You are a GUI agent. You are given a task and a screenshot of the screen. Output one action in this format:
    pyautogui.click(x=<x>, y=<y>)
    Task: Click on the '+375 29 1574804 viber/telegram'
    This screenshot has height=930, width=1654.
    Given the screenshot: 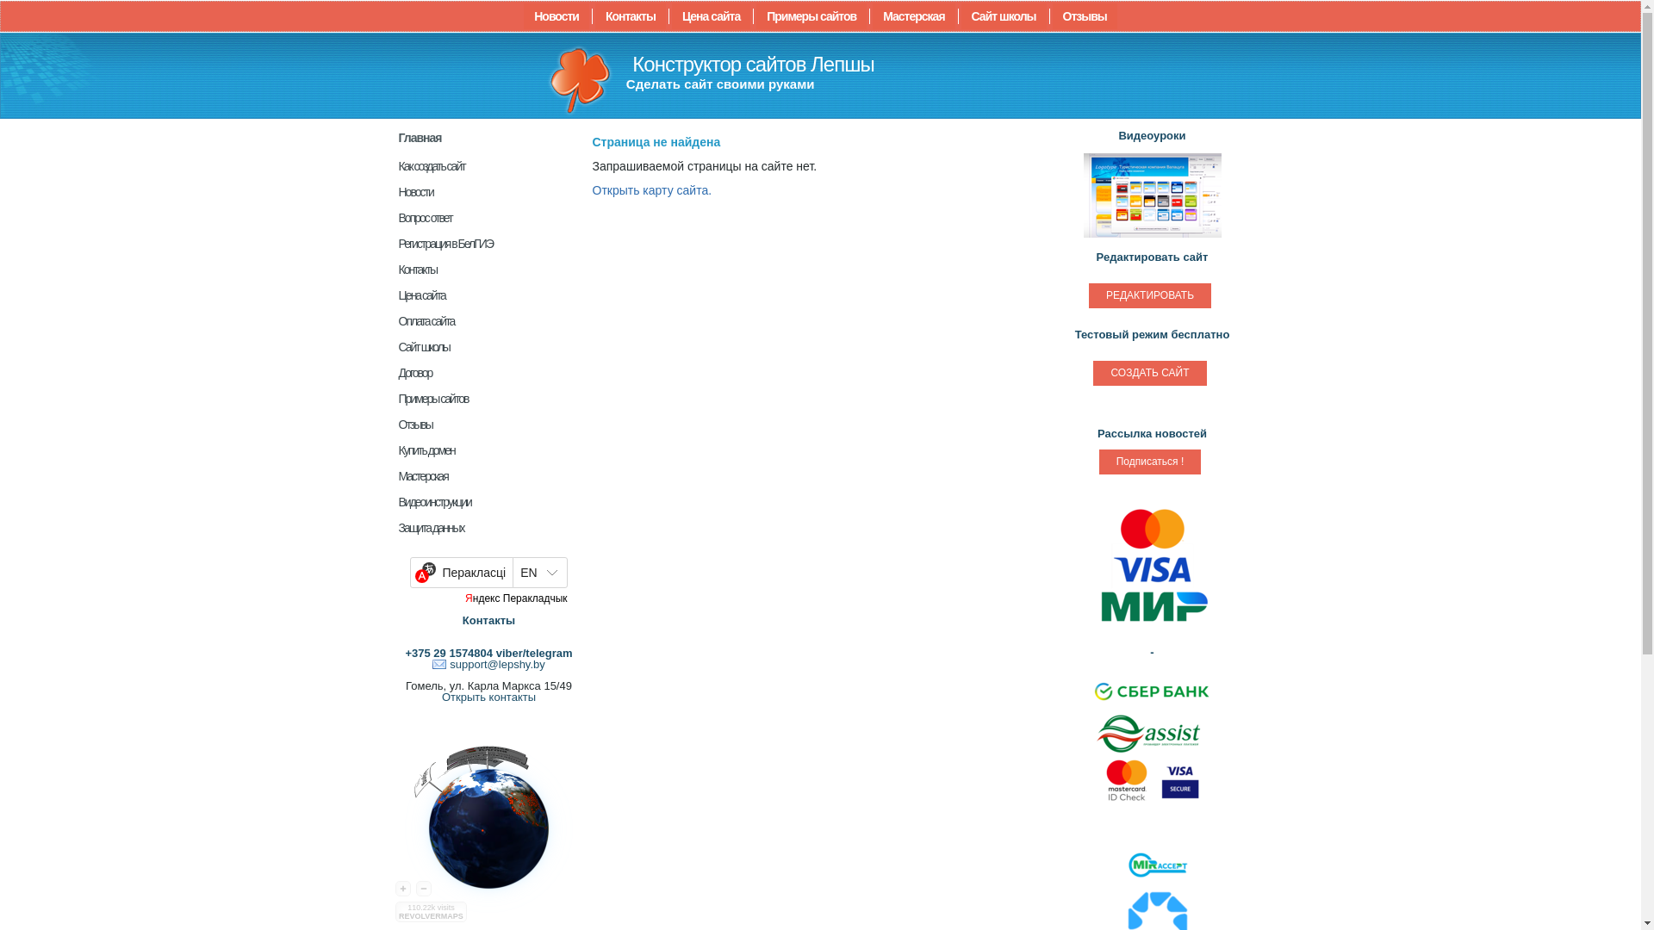 What is the action you would take?
    pyautogui.click(x=404, y=653)
    